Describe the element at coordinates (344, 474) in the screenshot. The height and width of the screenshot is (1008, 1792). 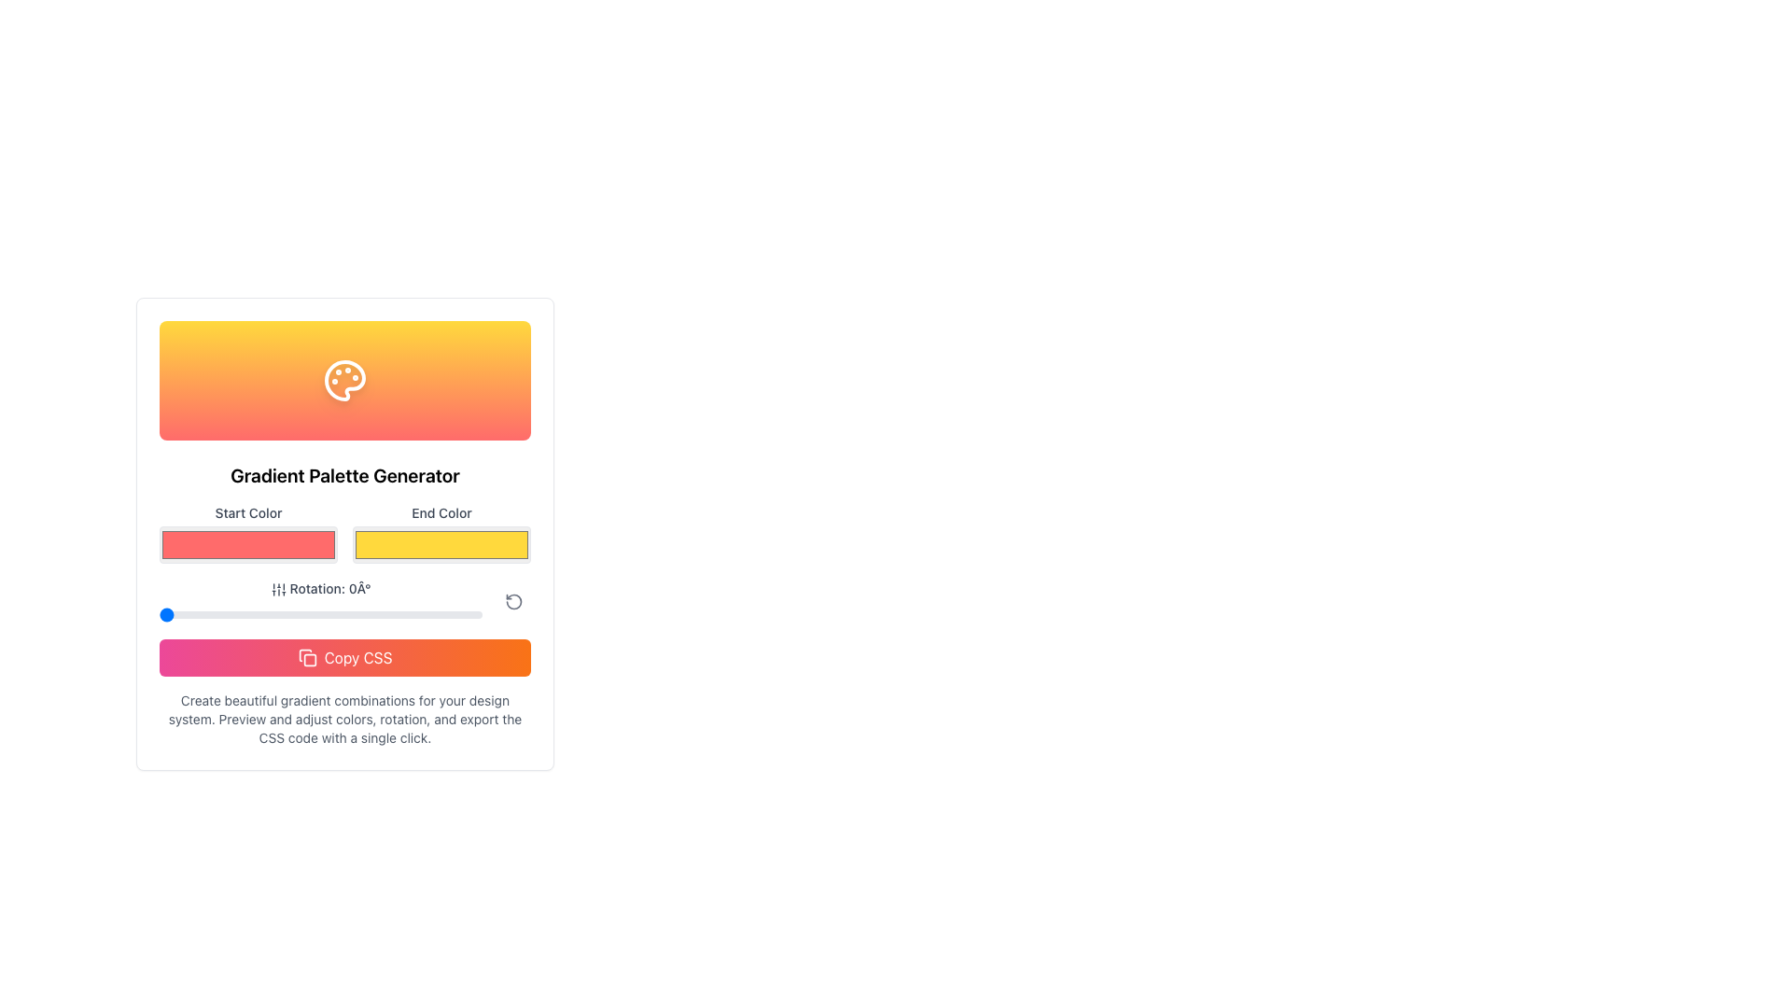
I see `the text label that reads 'Gradient Palette Generator', which is styled in bold with a large font size, located within a bordered card layout, positioned above the 'Start Color' and 'End Color' input fields` at that location.